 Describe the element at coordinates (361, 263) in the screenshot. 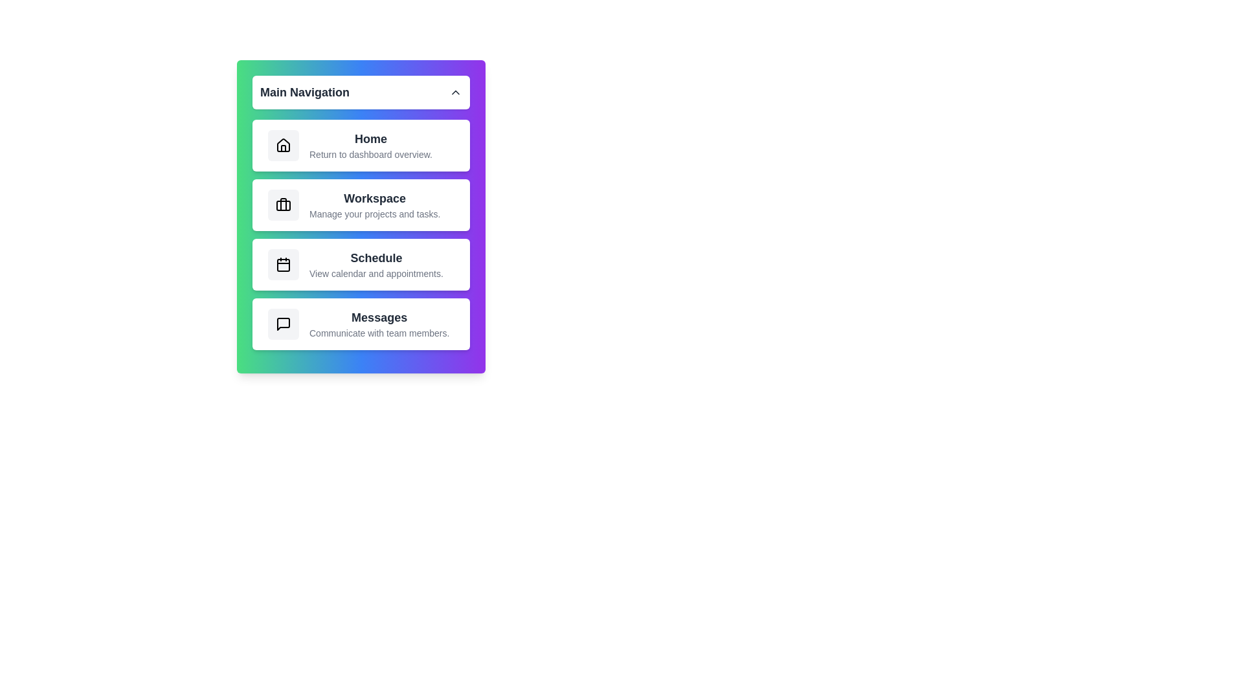

I see `the 'Schedule' navigation item` at that location.